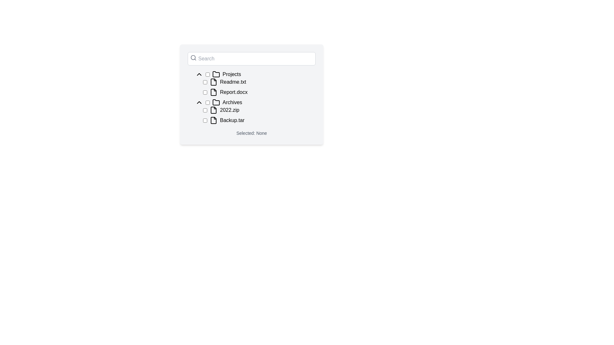 The image size is (614, 345). Describe the element at coordinates (213, 82) in the screenshot. I see `the upper-left part of the file icon representing a file in the file manager interface, which is associated with the text label 'Readme.txt'` at that location.